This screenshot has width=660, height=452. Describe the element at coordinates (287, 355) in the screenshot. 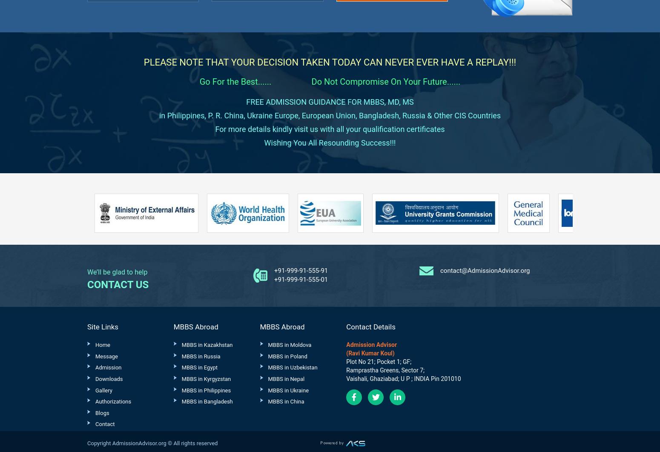

I see `'MBBS in Poland'` at that location.